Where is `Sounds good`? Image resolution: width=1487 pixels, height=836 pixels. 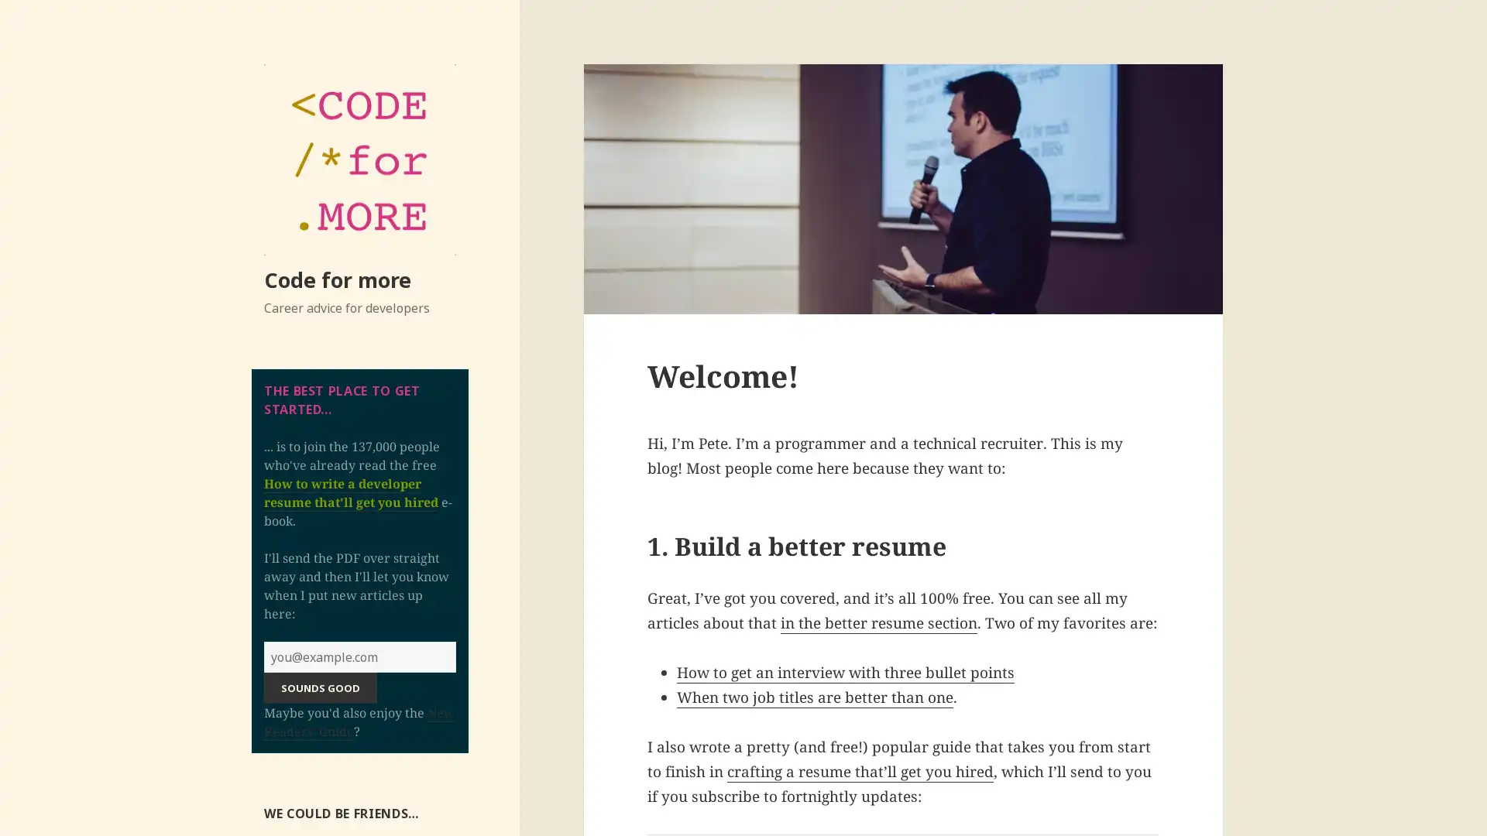 Sounds good is located at coordinates (319, 686).